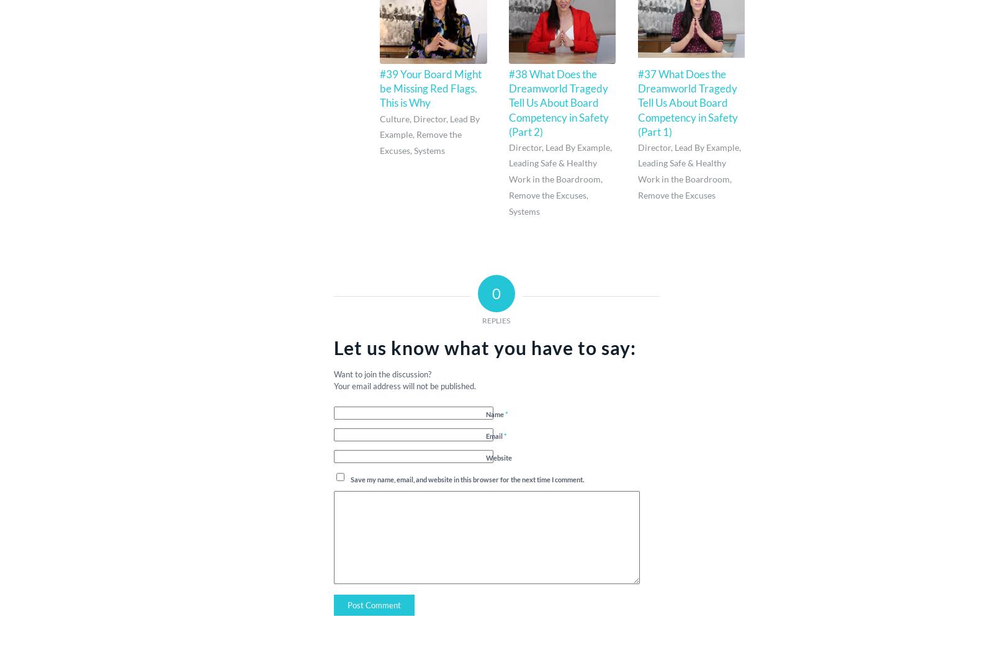 This screenshot has width=993, height=653. Describe the element at coordinates (494, 436) in the screenshot. I see `'Email'` at that location.